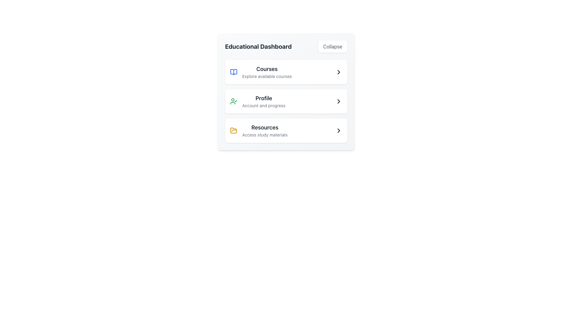 Image resolution: width=586 pixels, height=329 pixels. Describe the element at coordinates (338, 130) in the screenshot. I see `the chevron icon located at the far right edge of the 'Resources' item in the vertical list to interact with it` at that location.